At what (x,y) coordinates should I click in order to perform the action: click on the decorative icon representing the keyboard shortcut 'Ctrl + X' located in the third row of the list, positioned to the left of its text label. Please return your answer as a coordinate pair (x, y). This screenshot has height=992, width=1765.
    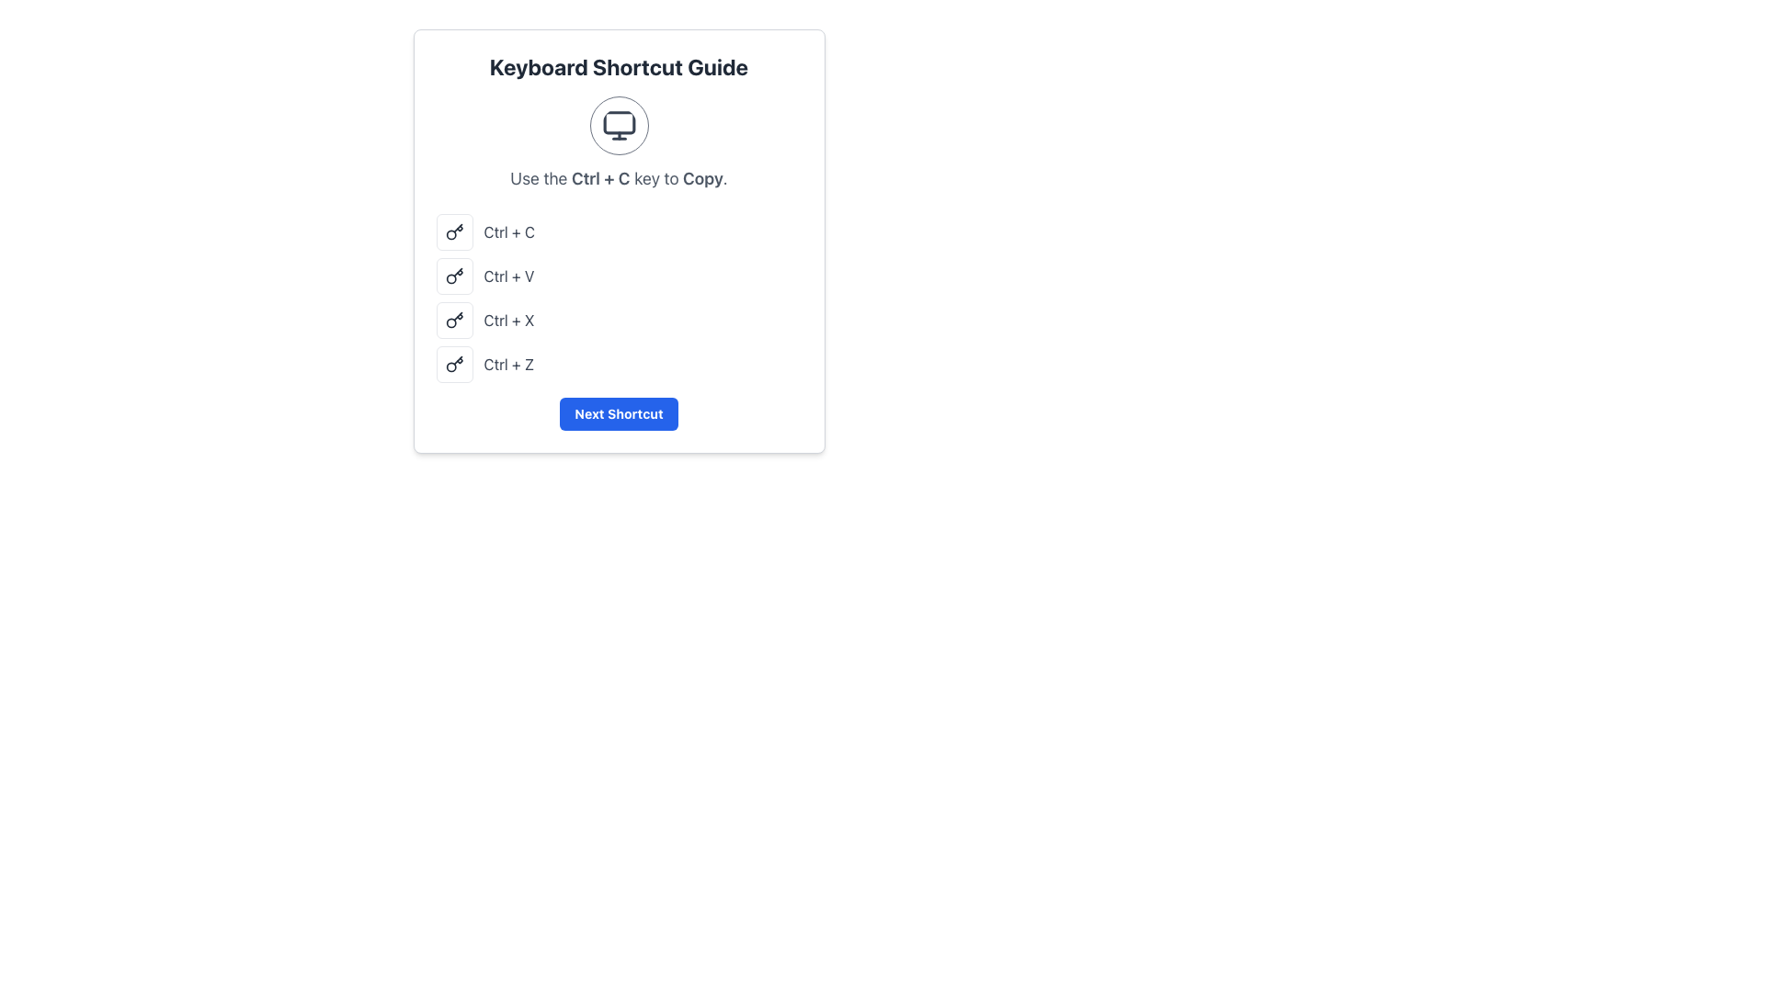
    Looking at the image, I should click on (454, 319).